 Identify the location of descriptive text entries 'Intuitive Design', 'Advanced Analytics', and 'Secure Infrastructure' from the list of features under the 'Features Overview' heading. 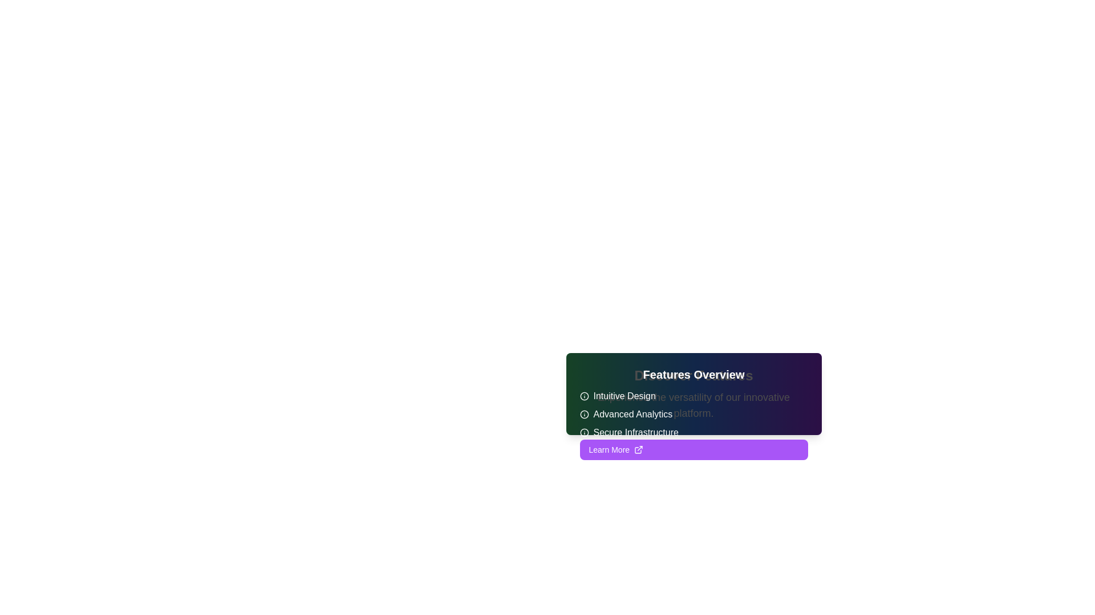
(693, 415).